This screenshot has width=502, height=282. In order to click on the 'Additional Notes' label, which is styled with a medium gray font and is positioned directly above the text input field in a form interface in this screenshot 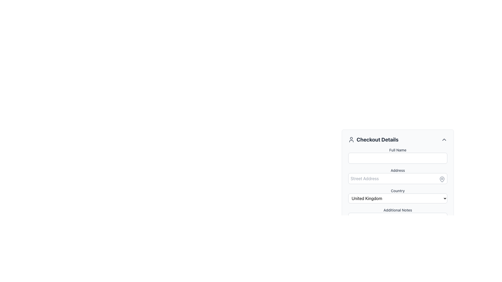, I will do `click(397, 210)`.